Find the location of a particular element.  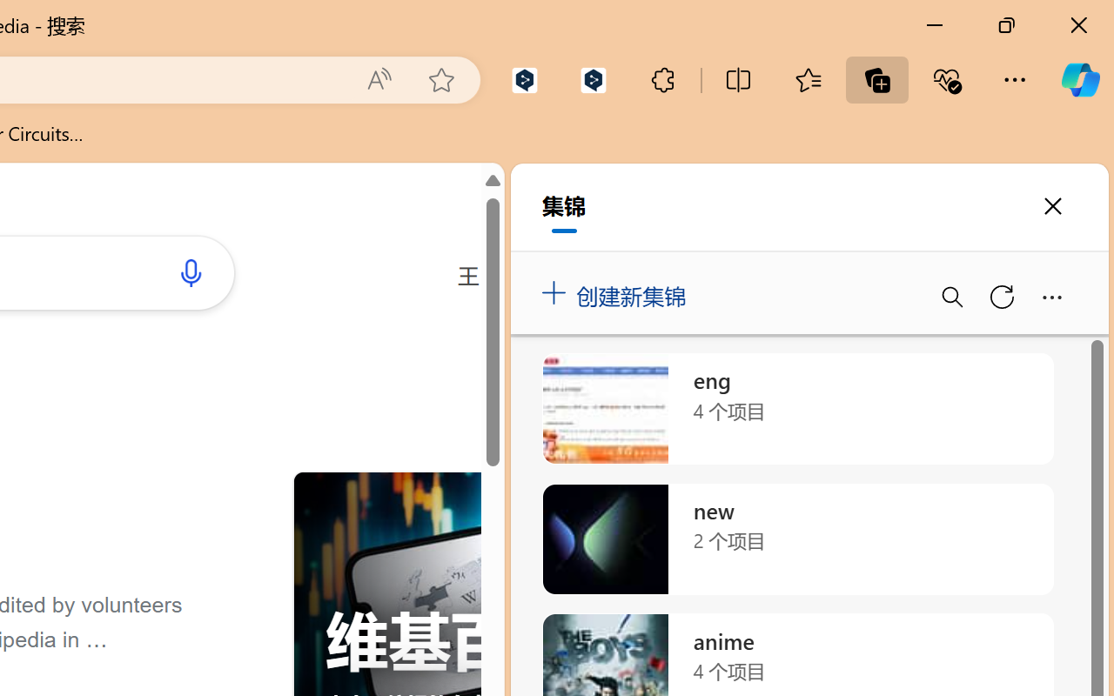

'Copilot (Ctrl+Shift+.)' is located at coordinates (1079, 79).